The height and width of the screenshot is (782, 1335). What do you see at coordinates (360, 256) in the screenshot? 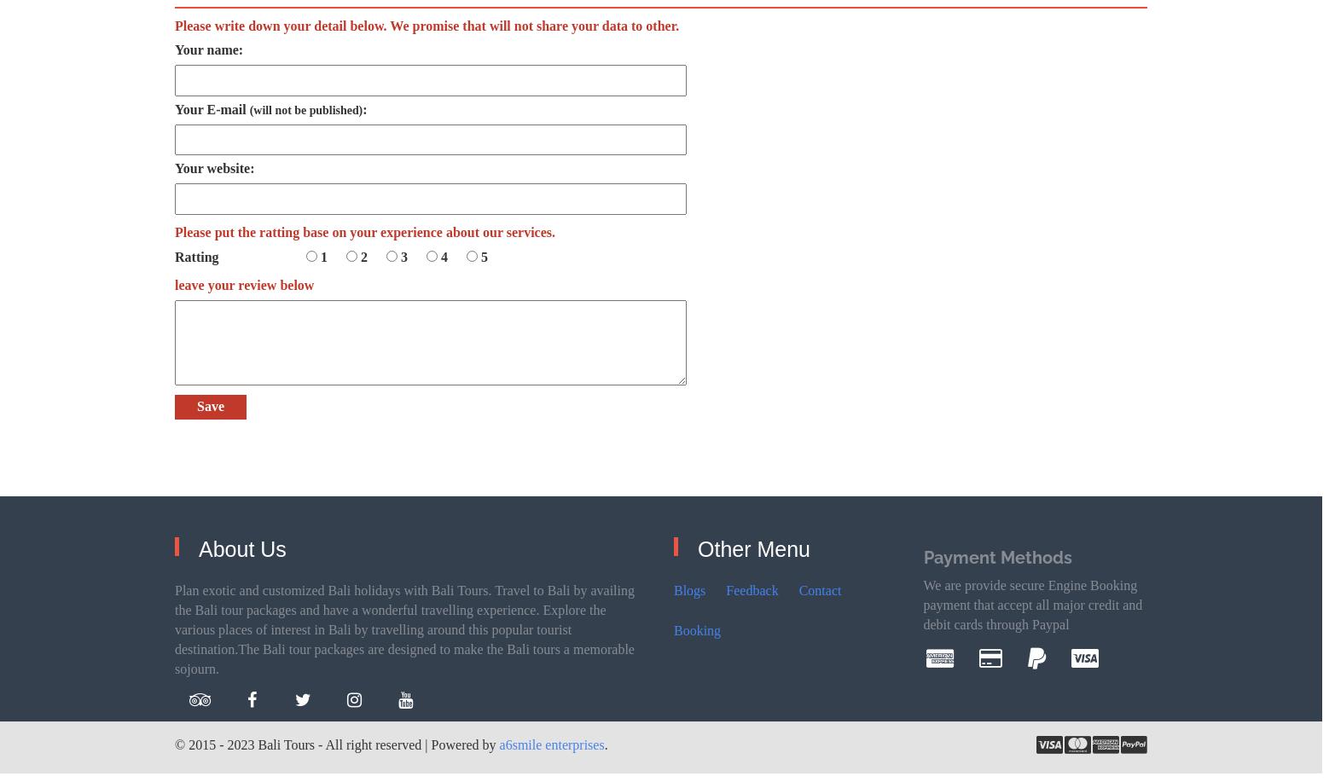
I see `'2'` at bounding box center [360, 256].